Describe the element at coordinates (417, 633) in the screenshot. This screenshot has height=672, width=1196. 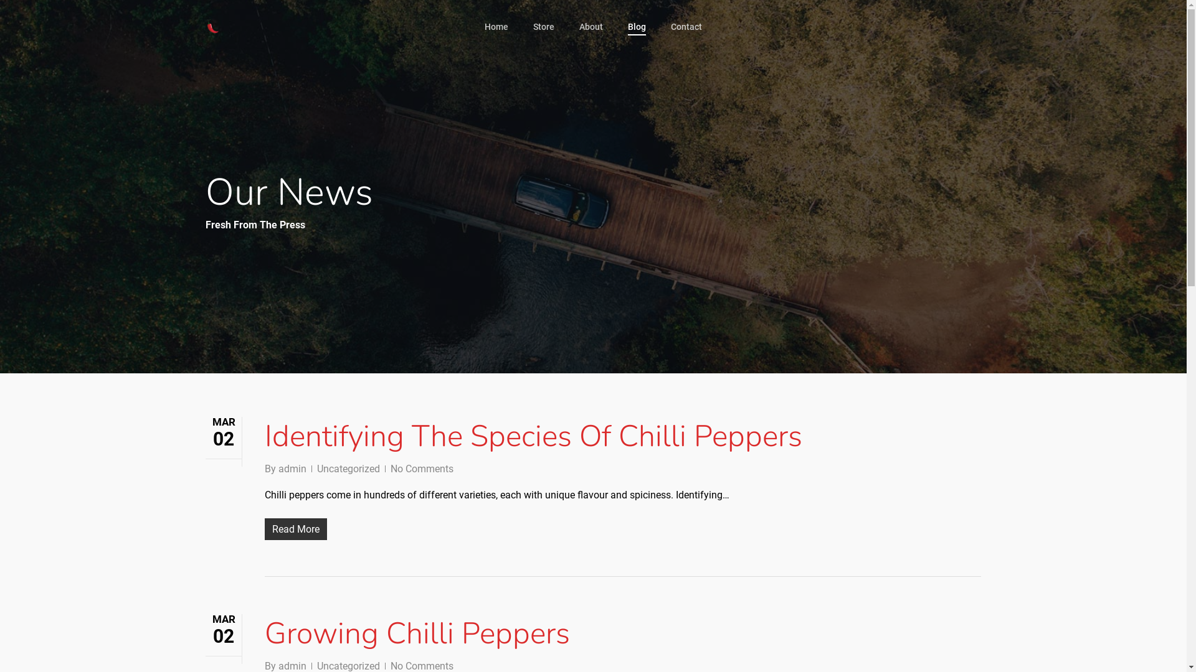
I see `'Growing Chilli Peppers'` at that location.